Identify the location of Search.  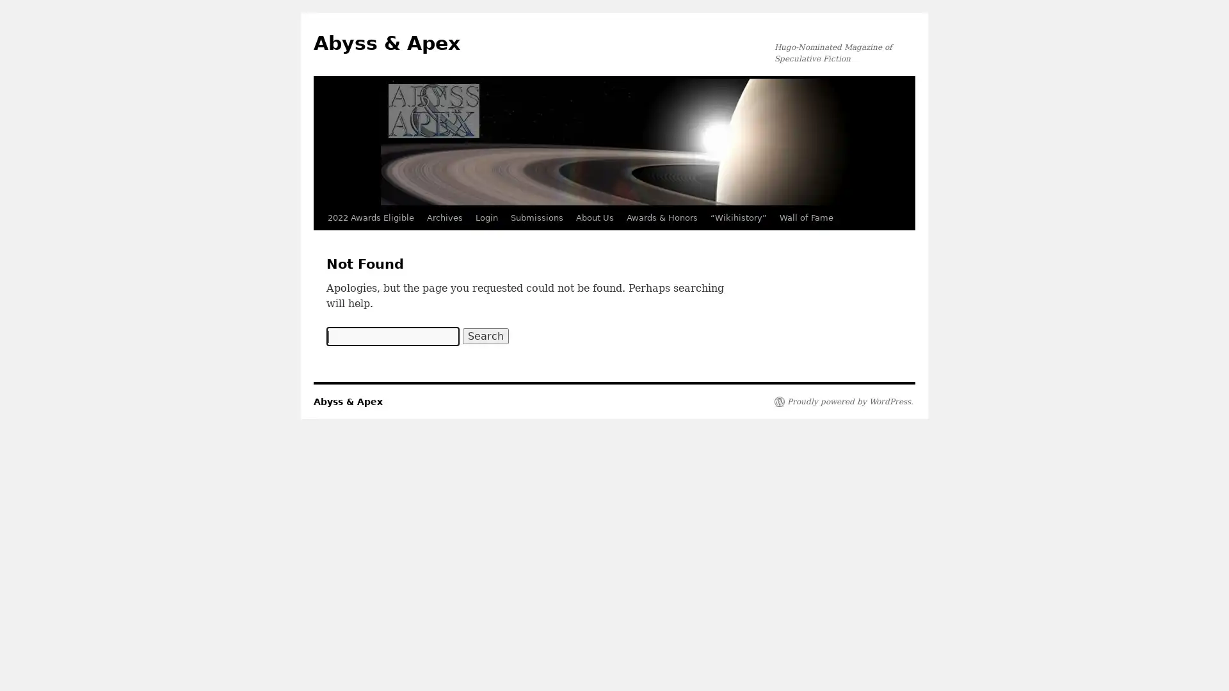
(485, 335).